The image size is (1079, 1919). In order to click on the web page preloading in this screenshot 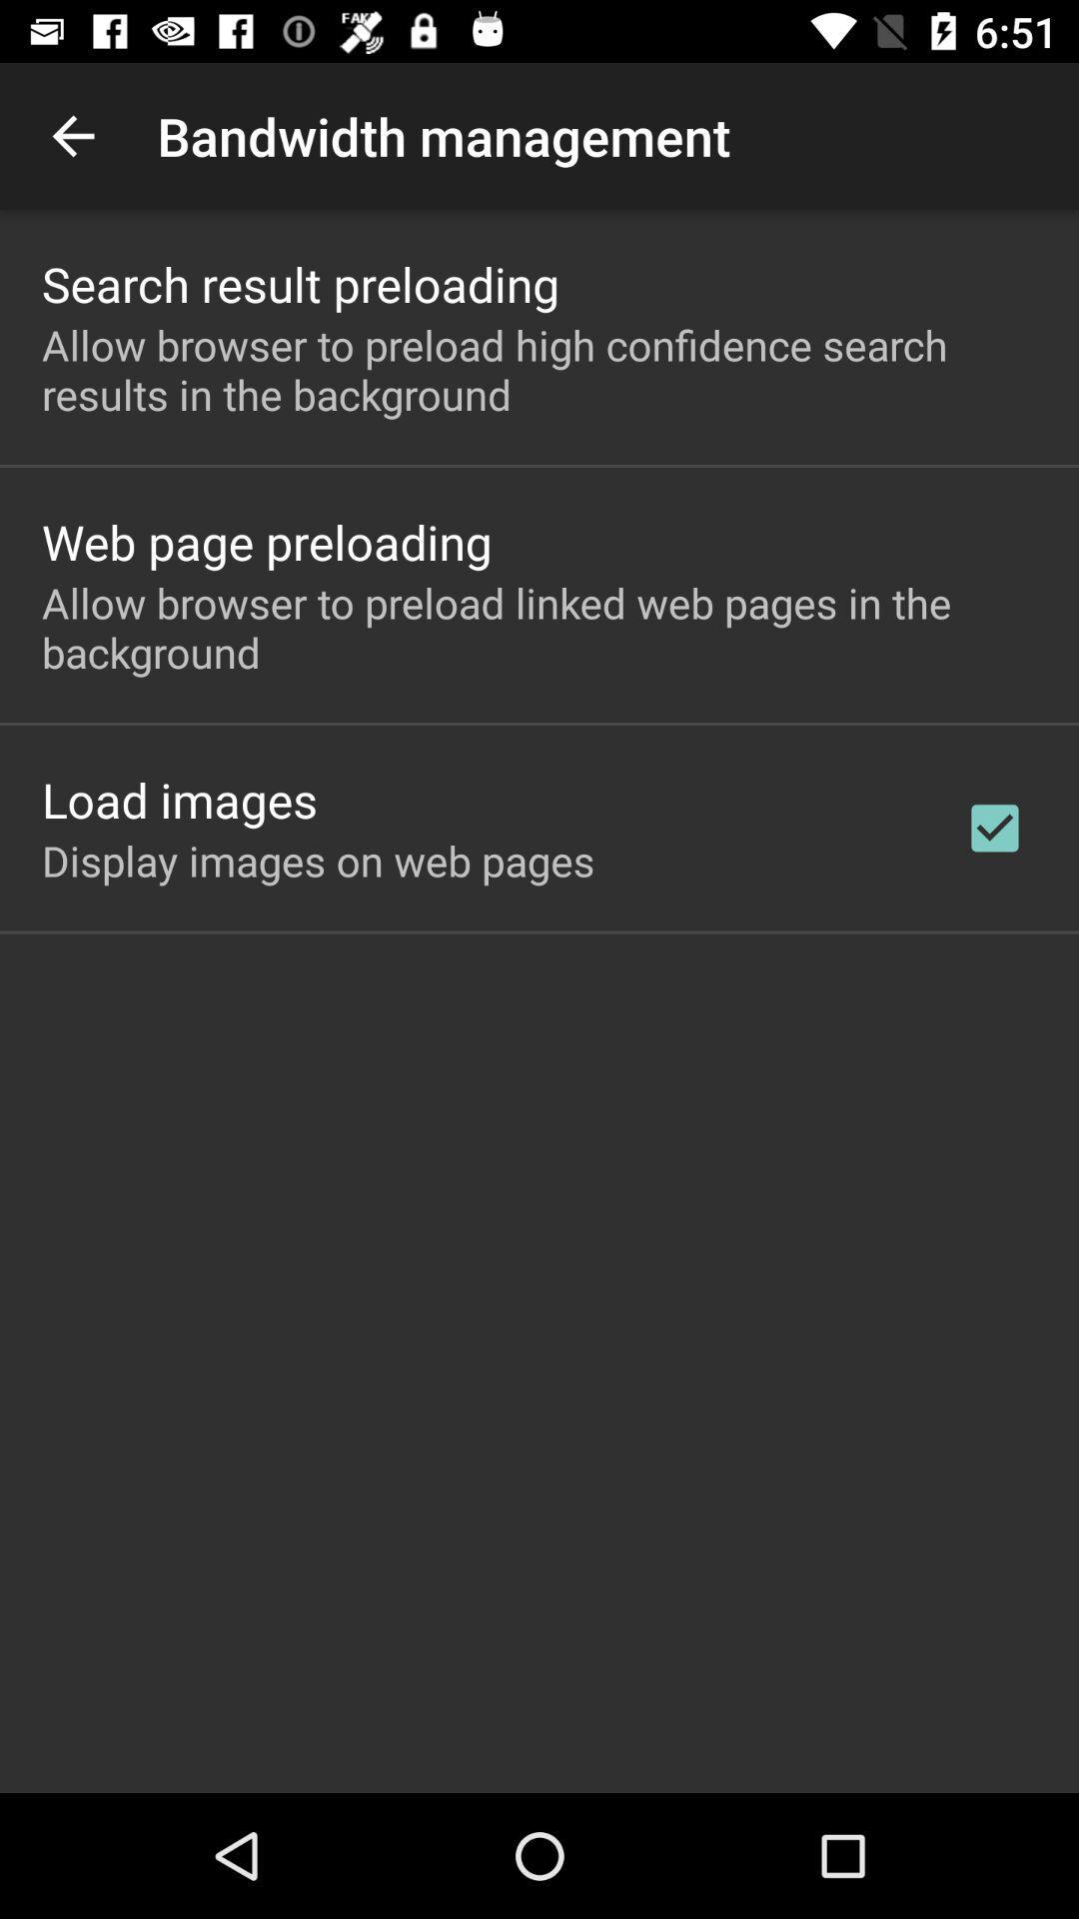, I will do `click(266, 542)`.